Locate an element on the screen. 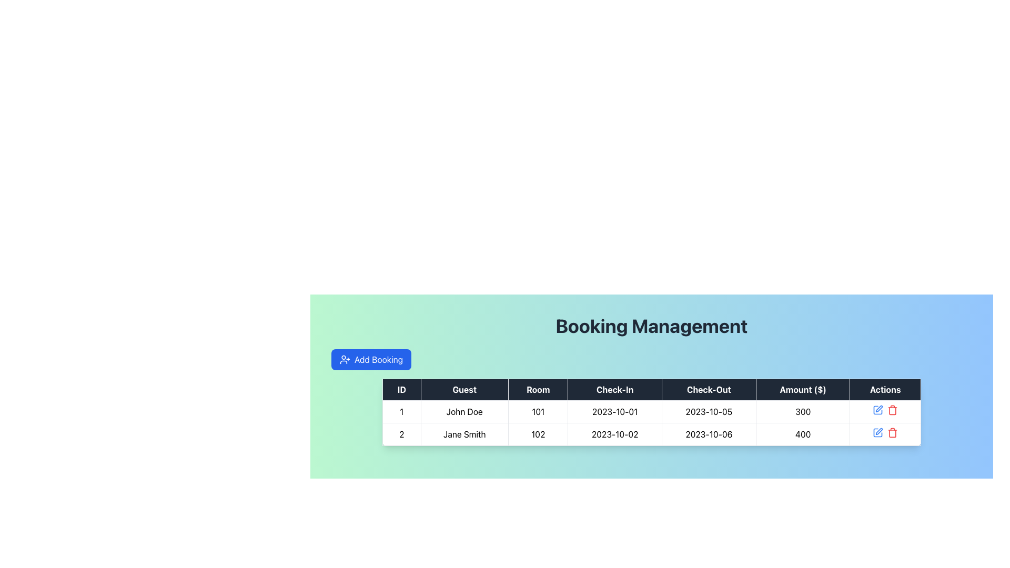 The width and height of the screenshot is (1010, 568). the blue square icon button with a pen illustration located in the 'Actions' column of the 'Booking Management' section, corresponding to the entry for the guest 'Jane Smith' is located at coordinates (878, 432).